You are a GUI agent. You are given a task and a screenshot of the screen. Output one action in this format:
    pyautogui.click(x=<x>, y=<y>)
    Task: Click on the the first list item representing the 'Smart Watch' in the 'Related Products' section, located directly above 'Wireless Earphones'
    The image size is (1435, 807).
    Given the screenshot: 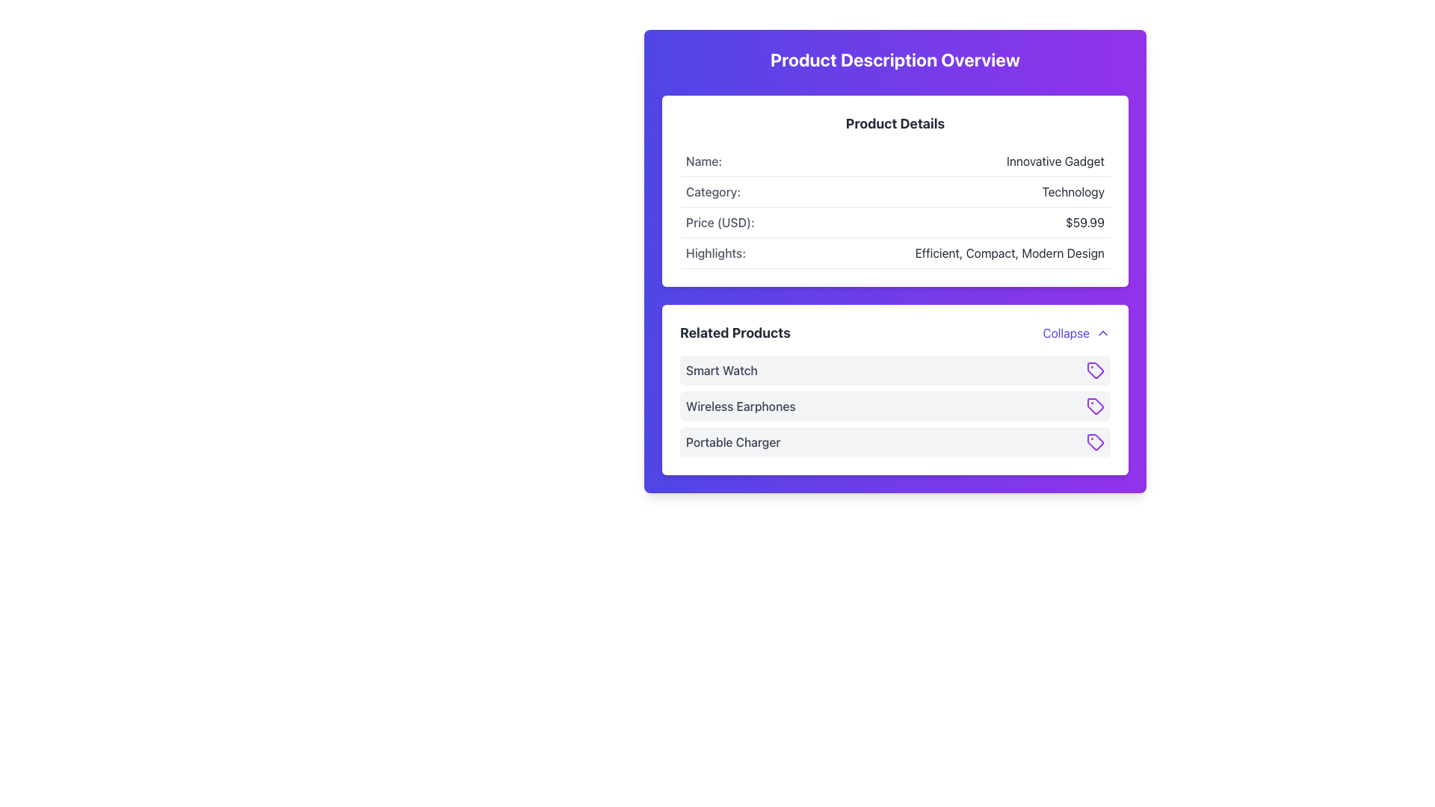 What is the action you would take?
    pyautogui.click(x=895, y=370)
    